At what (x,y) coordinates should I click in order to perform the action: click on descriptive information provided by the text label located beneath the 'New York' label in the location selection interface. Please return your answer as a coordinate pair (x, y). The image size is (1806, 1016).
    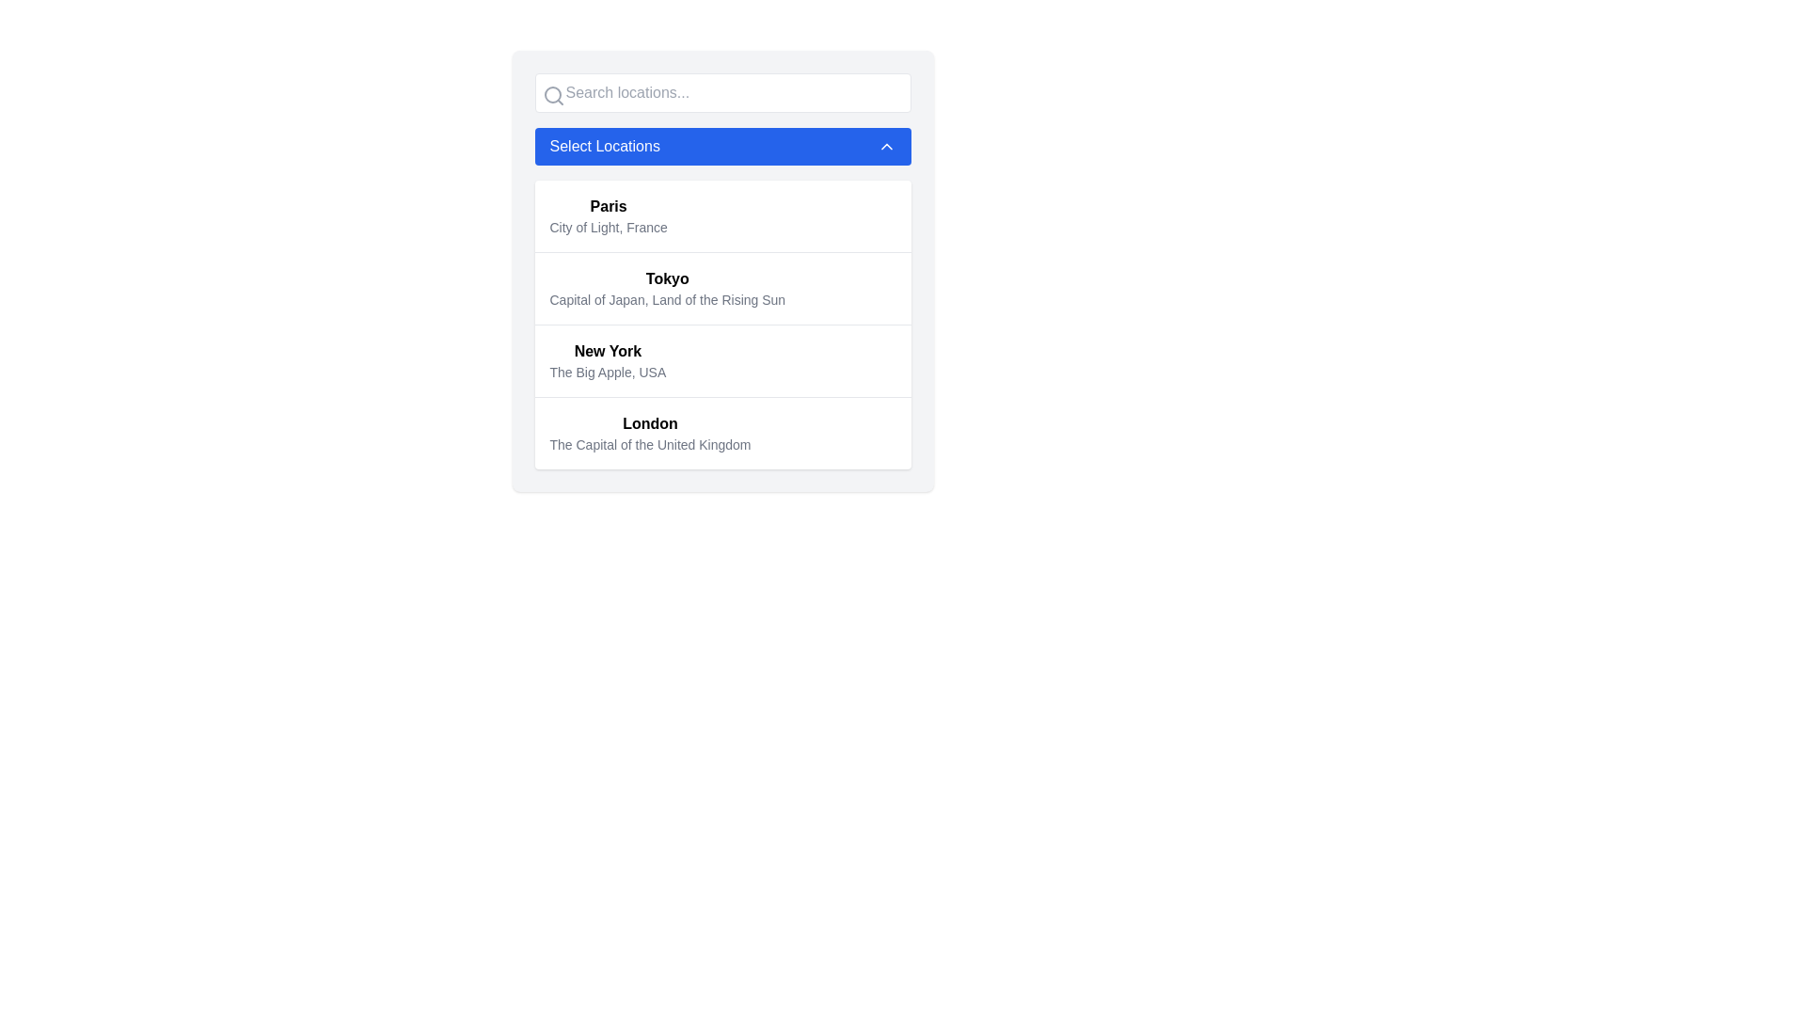
    Looking at the image, I should click on (608, 373).